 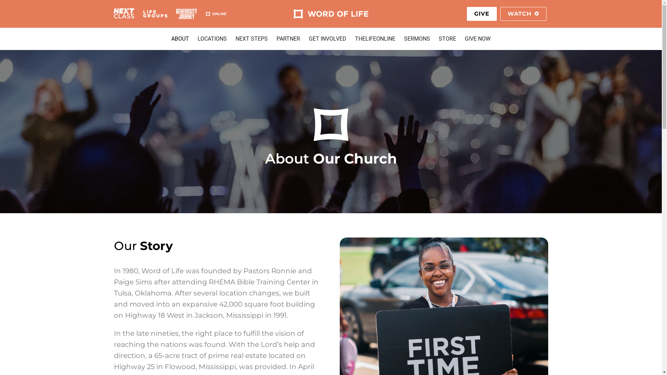 What do you see at coordinates (375, 39) in the screenshot?
I see `'THELIFEONLINE'` at bounding box center [375, 39].